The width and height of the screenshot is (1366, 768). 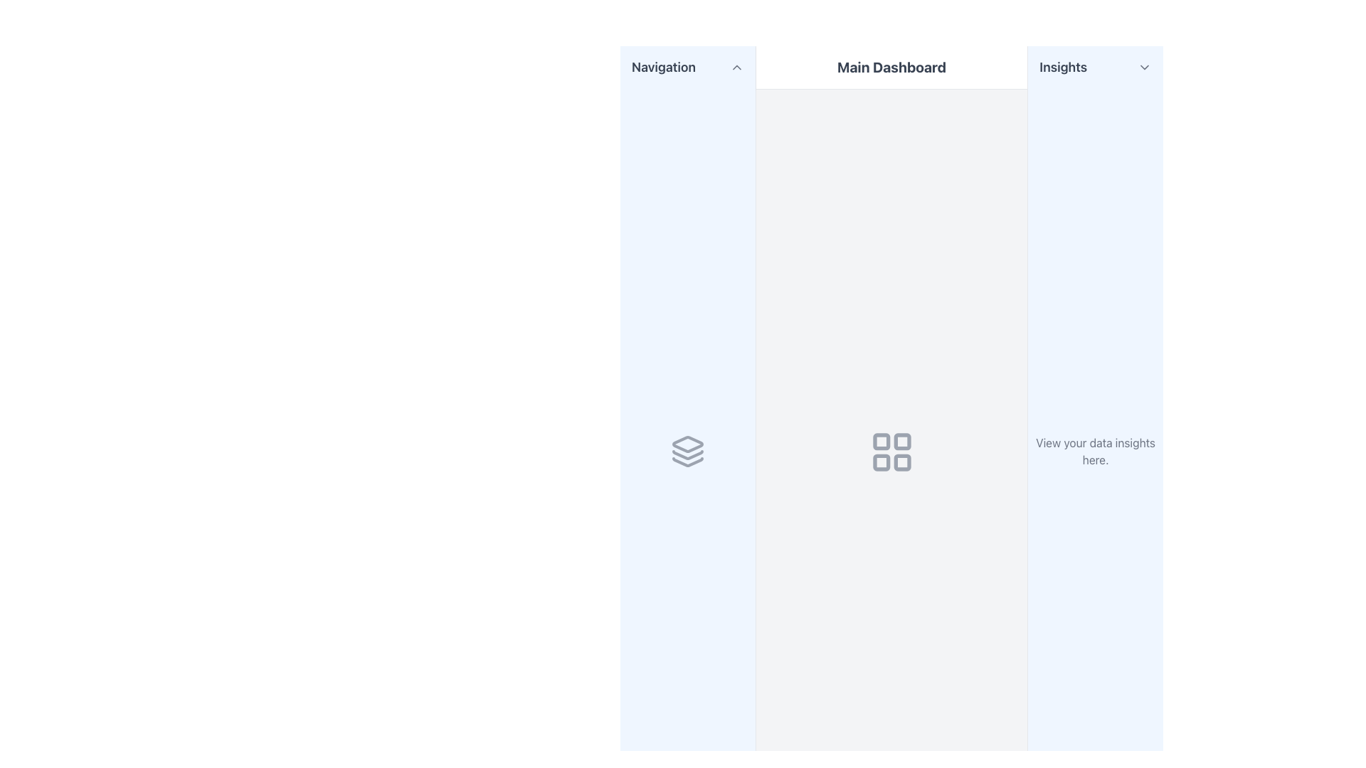 What do you see at coordinates (880, 440) in the screenshot?
I see `the top-left square in the grid of four squares, which has a light gray fill and rounded corners` at bounding box center [880, 440].